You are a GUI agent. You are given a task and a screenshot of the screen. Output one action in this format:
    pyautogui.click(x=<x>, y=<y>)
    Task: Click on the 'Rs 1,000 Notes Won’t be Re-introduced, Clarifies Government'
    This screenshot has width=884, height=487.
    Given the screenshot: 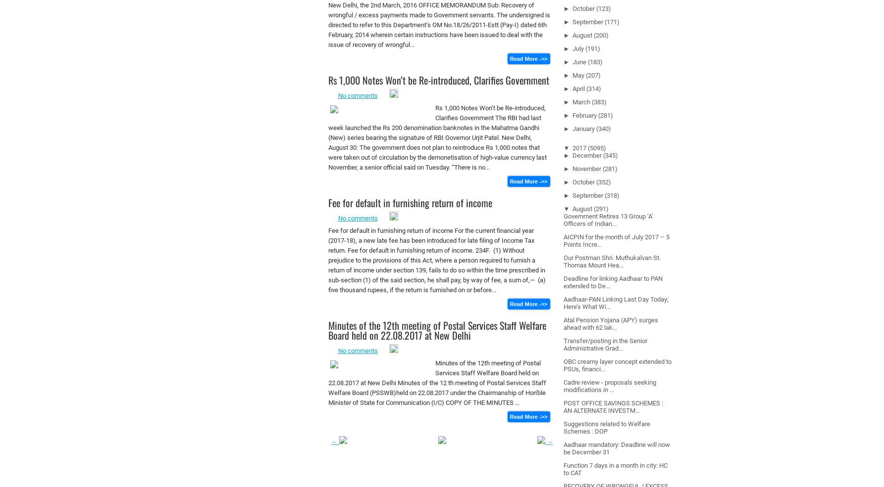 What is the action you would take?
    pyautogui.click(x=438, y=80)
    